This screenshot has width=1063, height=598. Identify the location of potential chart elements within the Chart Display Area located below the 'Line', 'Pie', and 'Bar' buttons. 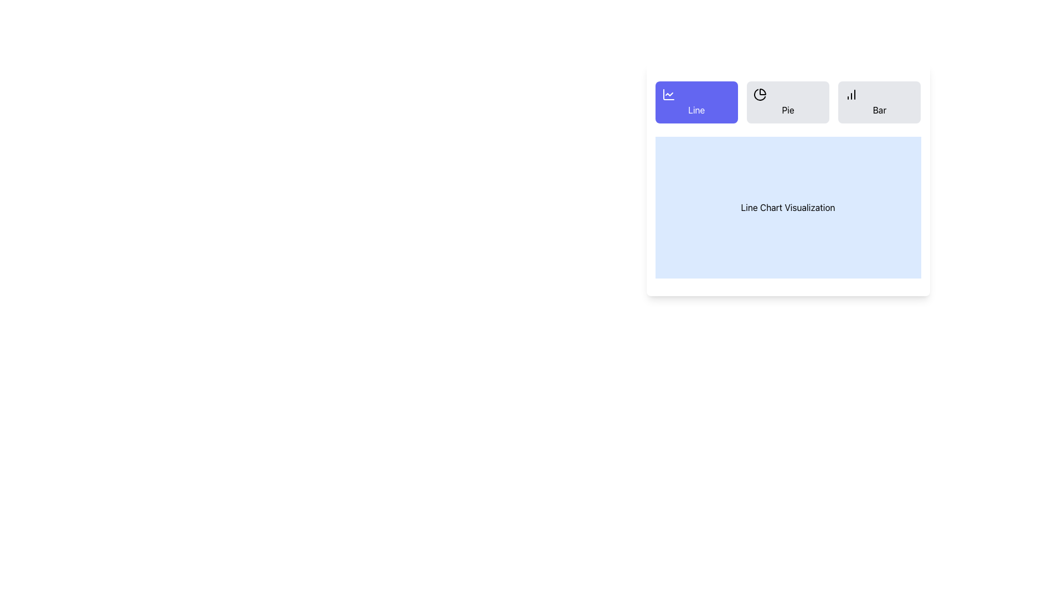
(787, 207).